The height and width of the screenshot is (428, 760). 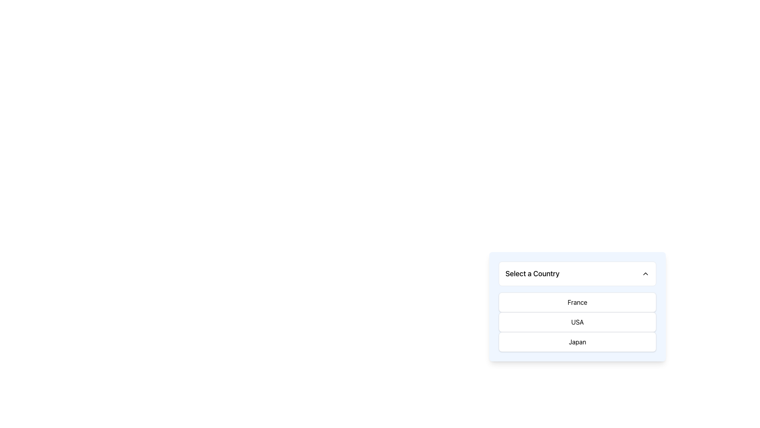 I want to click on the button labeled 'USA' which is styled with a white background and rounded corners, so click(x=578, y=322).